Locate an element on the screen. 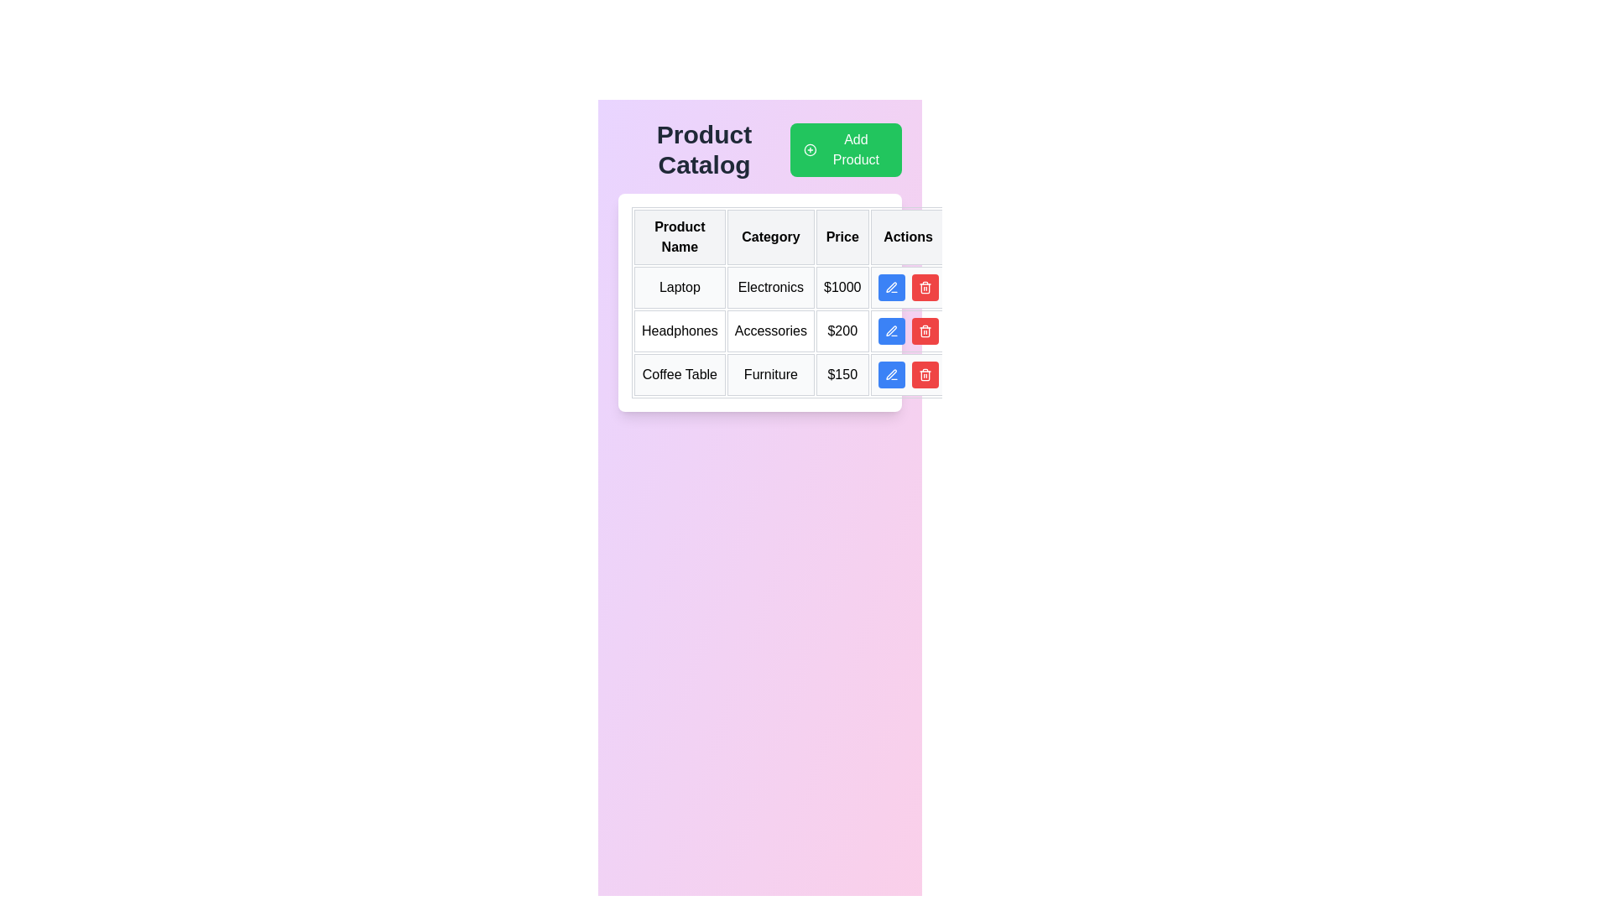 This screenshot has width=1611, height=906. the edit icon button, styled as a pen, located in the third row of the Actions column in the table is located at coordinates (890, 287).